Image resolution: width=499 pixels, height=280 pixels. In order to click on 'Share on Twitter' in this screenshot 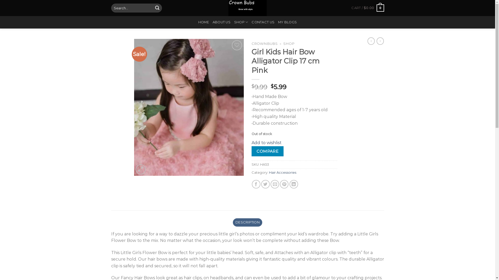, I will do `click(265, 184)`.